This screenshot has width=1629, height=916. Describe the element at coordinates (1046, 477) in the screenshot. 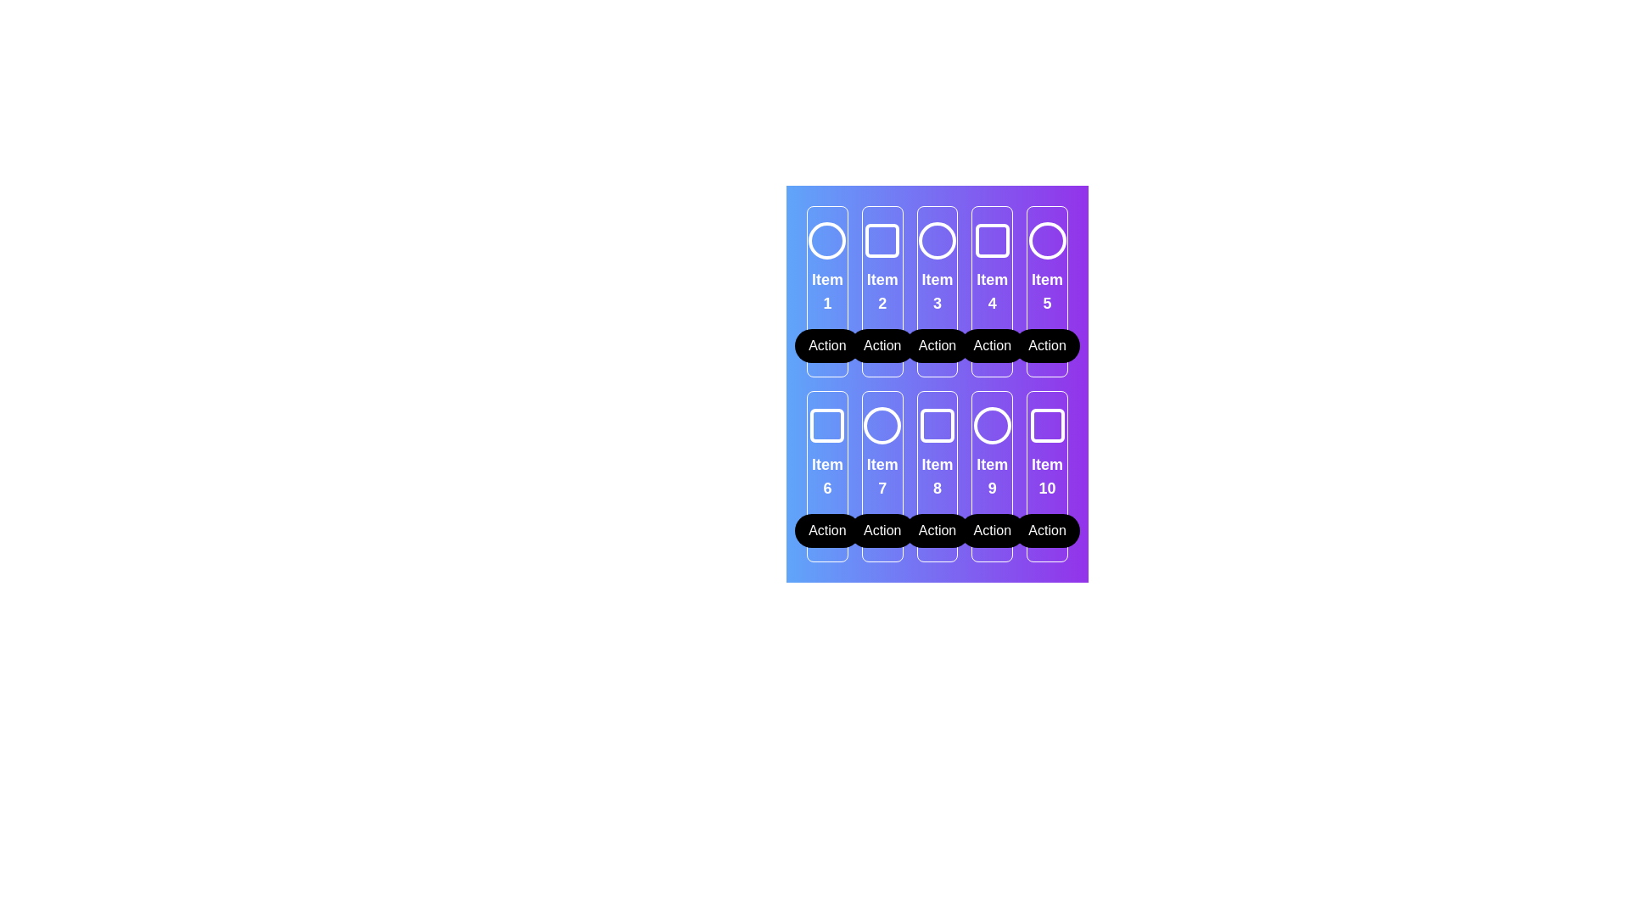

I see `displayed information from the descriptive card representing 'Item 10' located in the bottom-right corner of the grid` at that location.